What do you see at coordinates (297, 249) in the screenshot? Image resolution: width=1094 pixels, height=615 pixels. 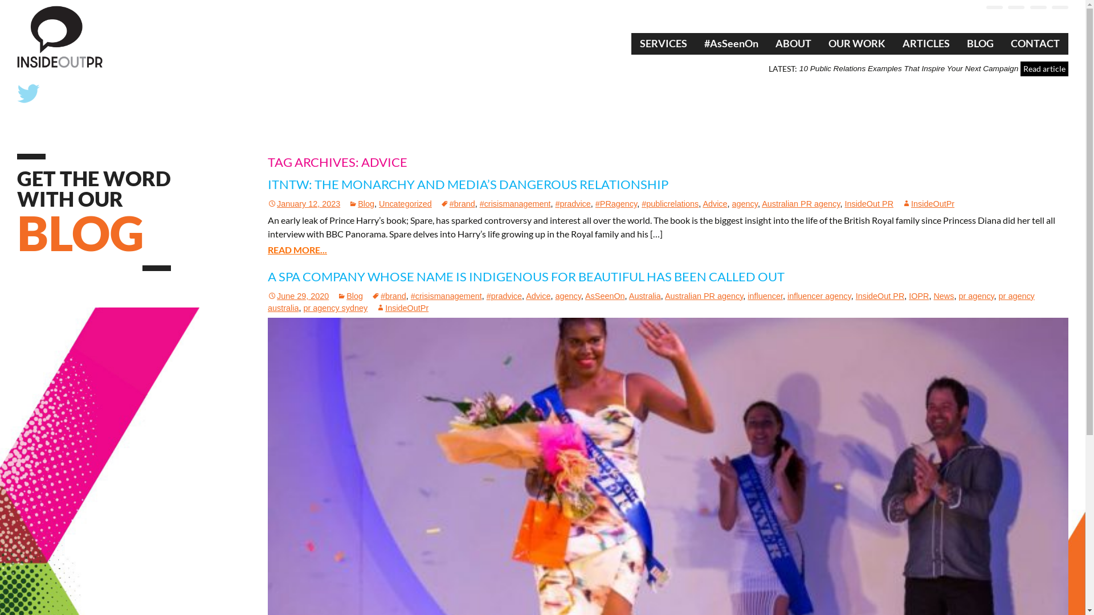 I see `'READ MORE...'` at bounding box center [297, 249].